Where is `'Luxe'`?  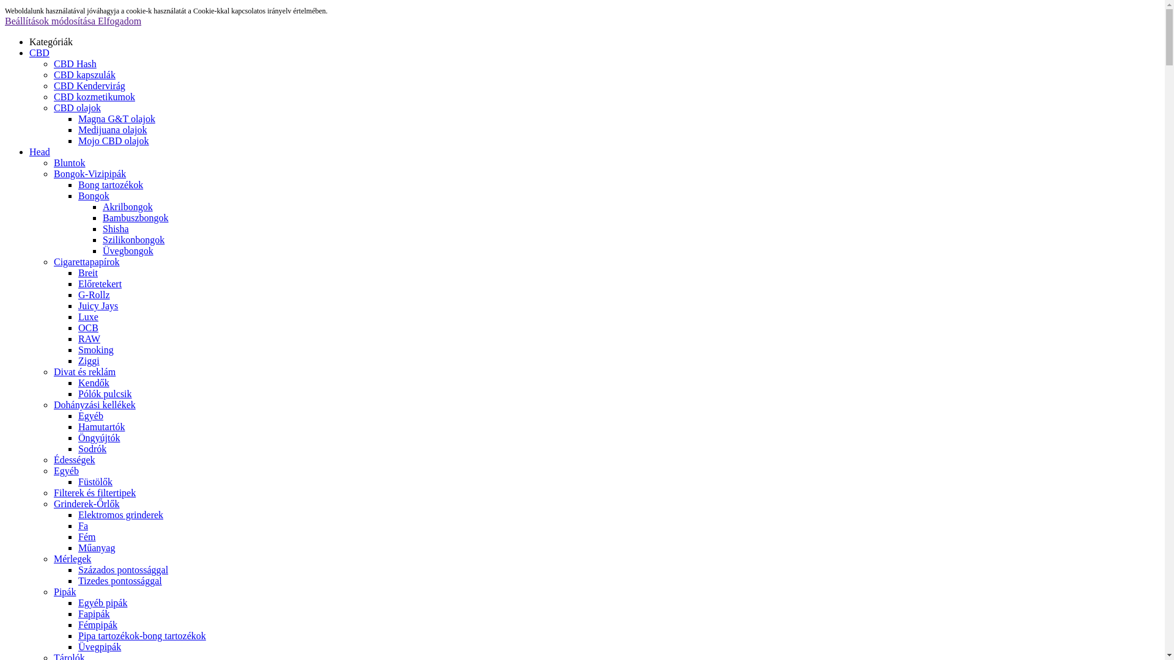 'Luxe' is located at coordinates (87, 316).